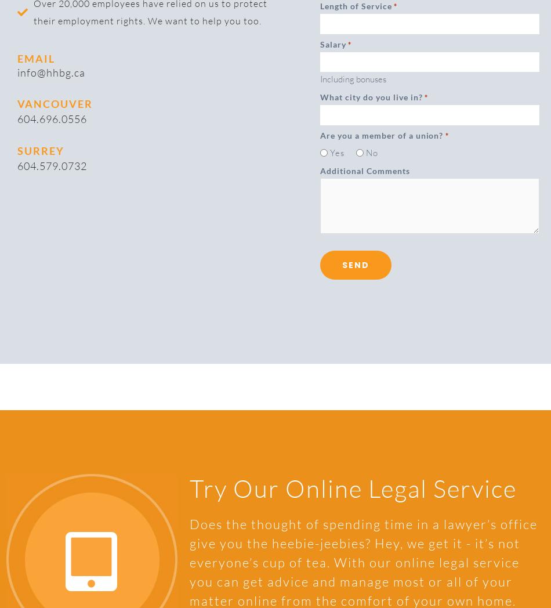 This screenshot has height=608, width=551. Describe the element at coordinates (371, 96) in the screenshot. I see `'What city do you live in?'` at that location.